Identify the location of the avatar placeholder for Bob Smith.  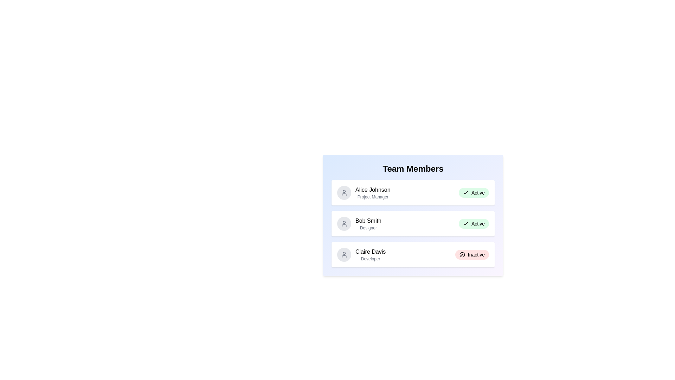
(344, 224).